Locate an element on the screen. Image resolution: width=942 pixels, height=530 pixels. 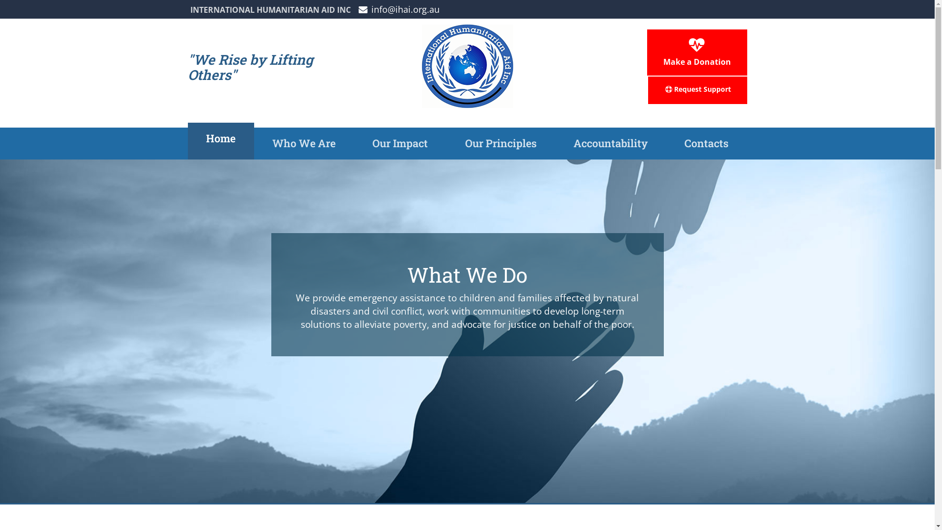
'Home' is located at coordinates (83, 58).